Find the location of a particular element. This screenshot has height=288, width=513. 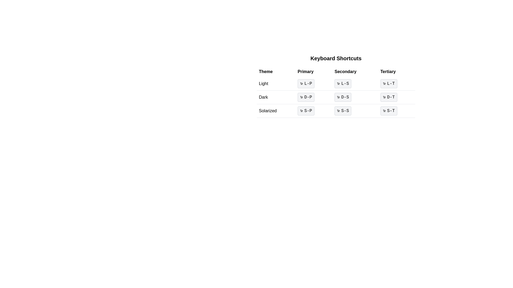

the SVG icon resembling a mouse pointer within the 'D-T' button located in the 'Tertiary' column of the 'Dark' row in the 'Keyboard Shortcuts' grid is located at coordinates (384, 97).